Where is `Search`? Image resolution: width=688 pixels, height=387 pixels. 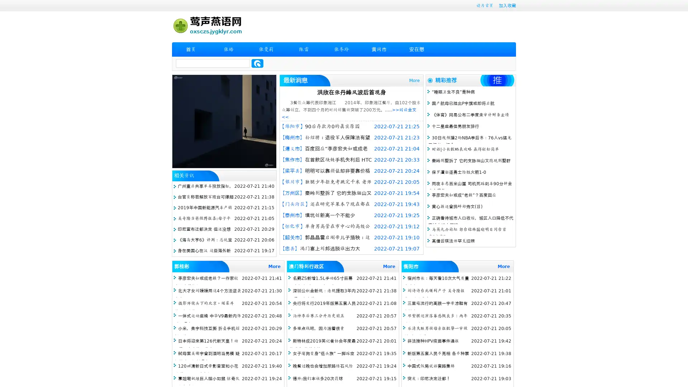 Search is located at coordinates (257, 63).